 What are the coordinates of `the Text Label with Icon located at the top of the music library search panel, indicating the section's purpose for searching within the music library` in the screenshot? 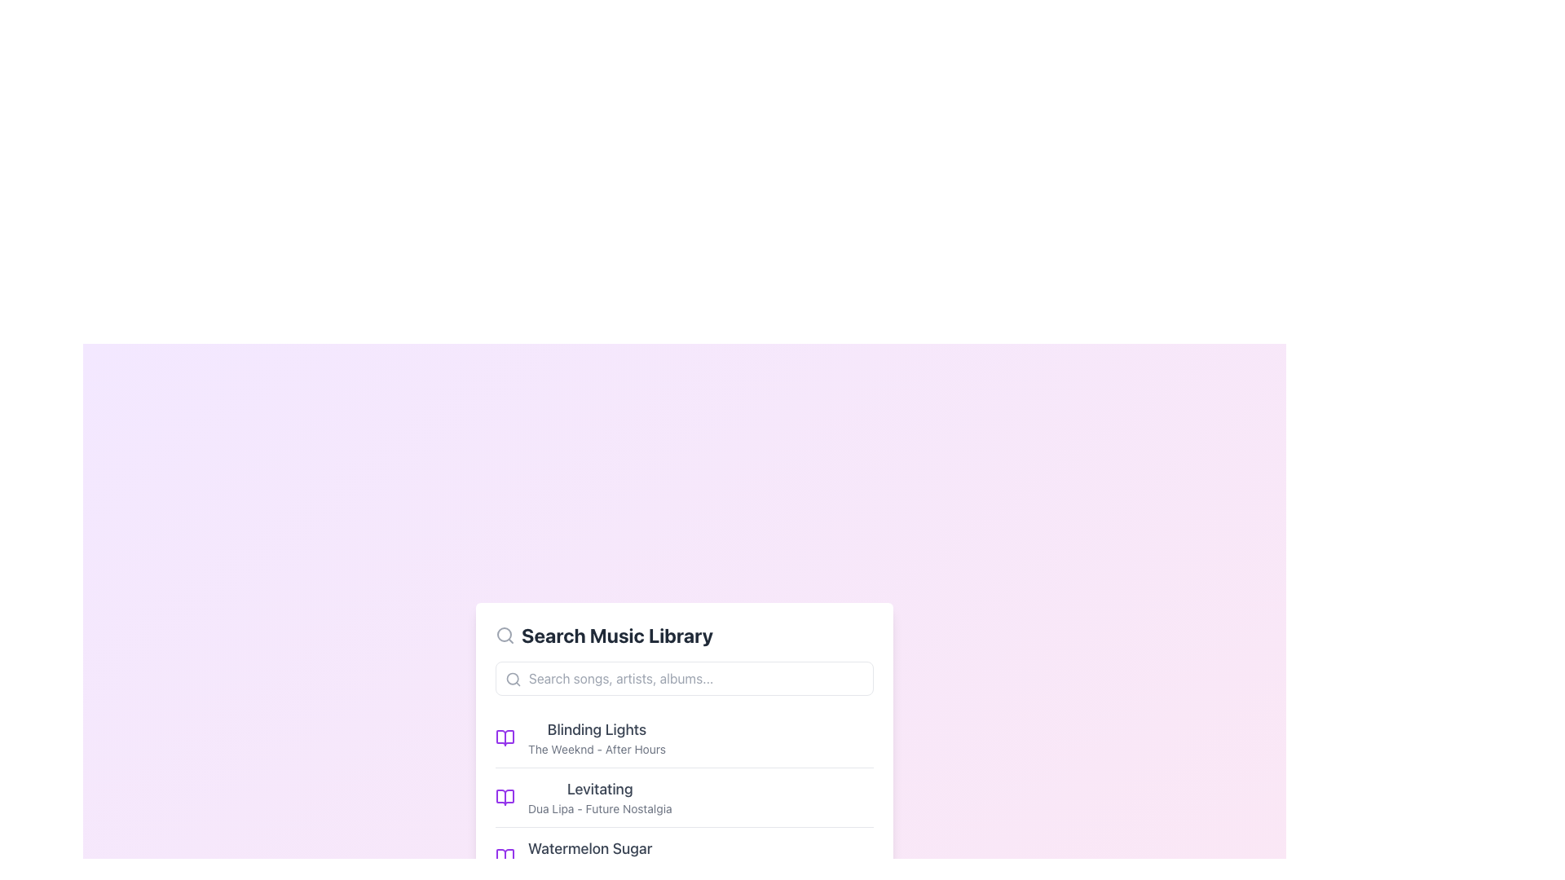 It's located at (685, 634).